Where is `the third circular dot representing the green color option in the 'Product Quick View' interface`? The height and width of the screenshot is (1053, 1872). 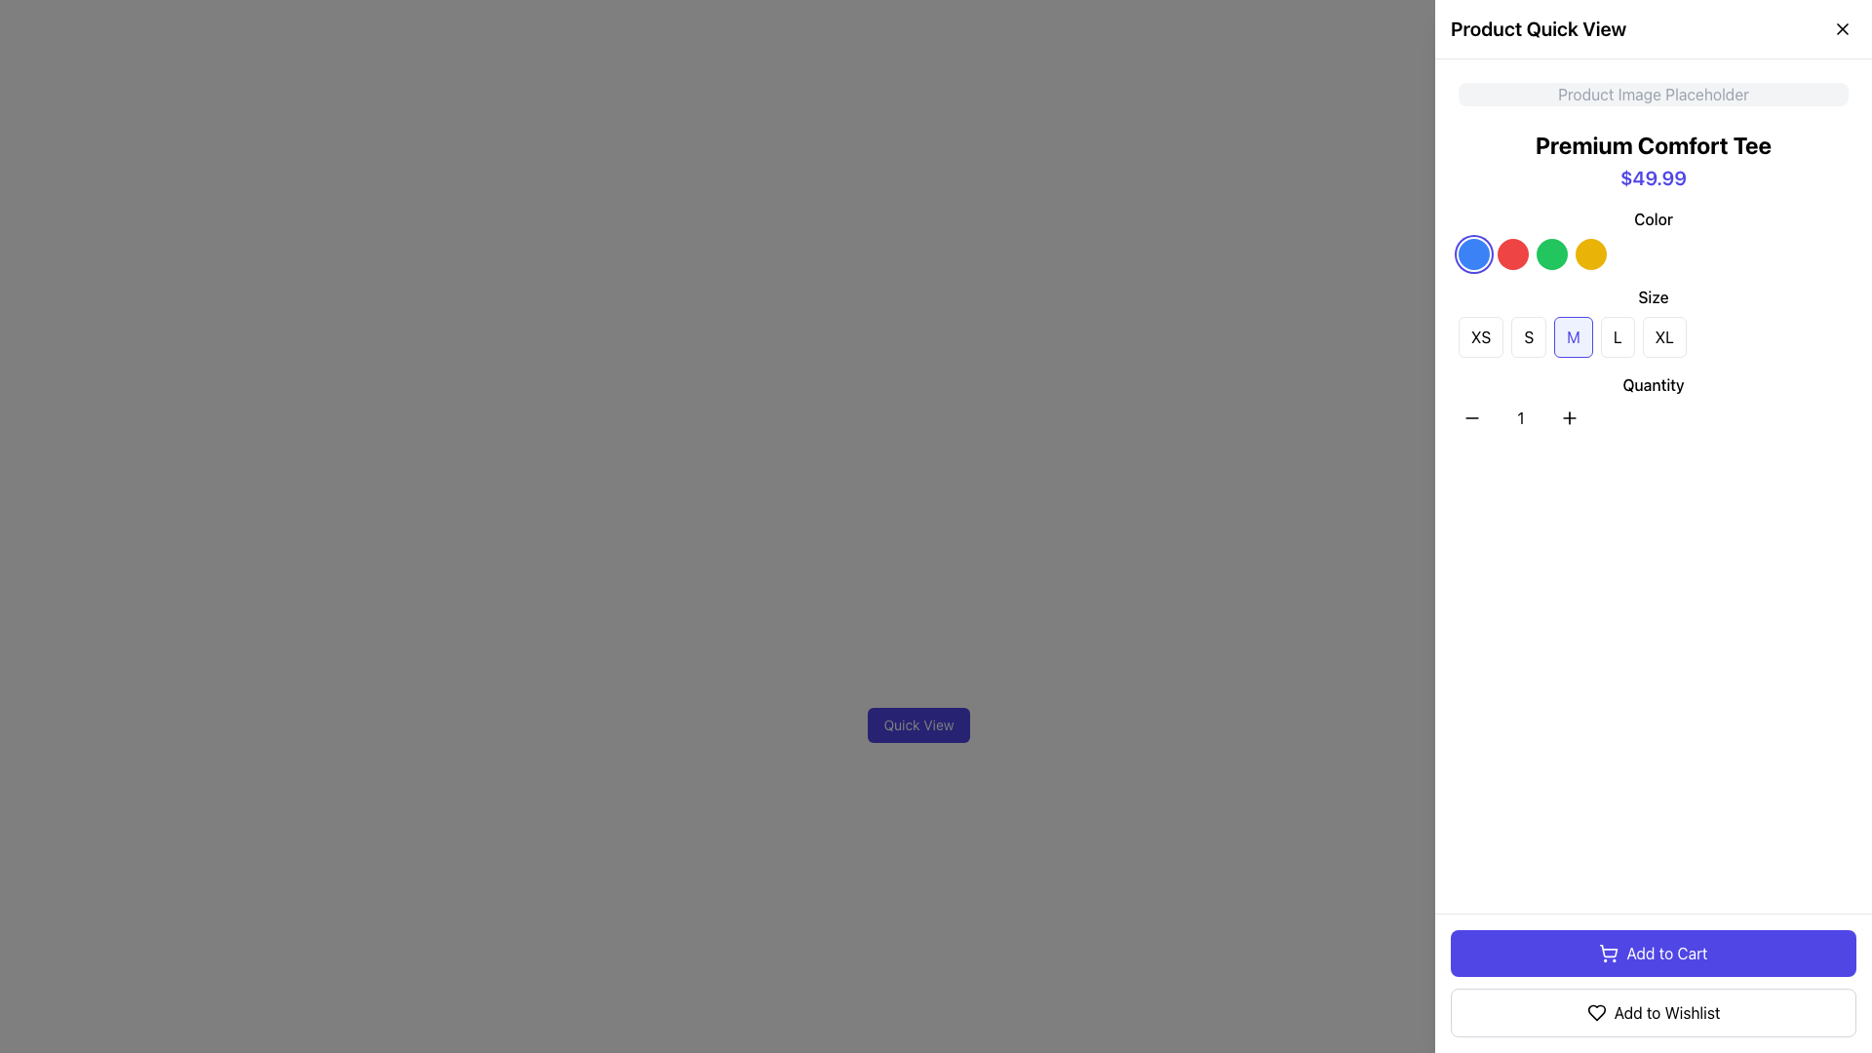 the third circular dot representing the green color option in the 'Product Quick View' interface is located at coordinates (1551, 253).